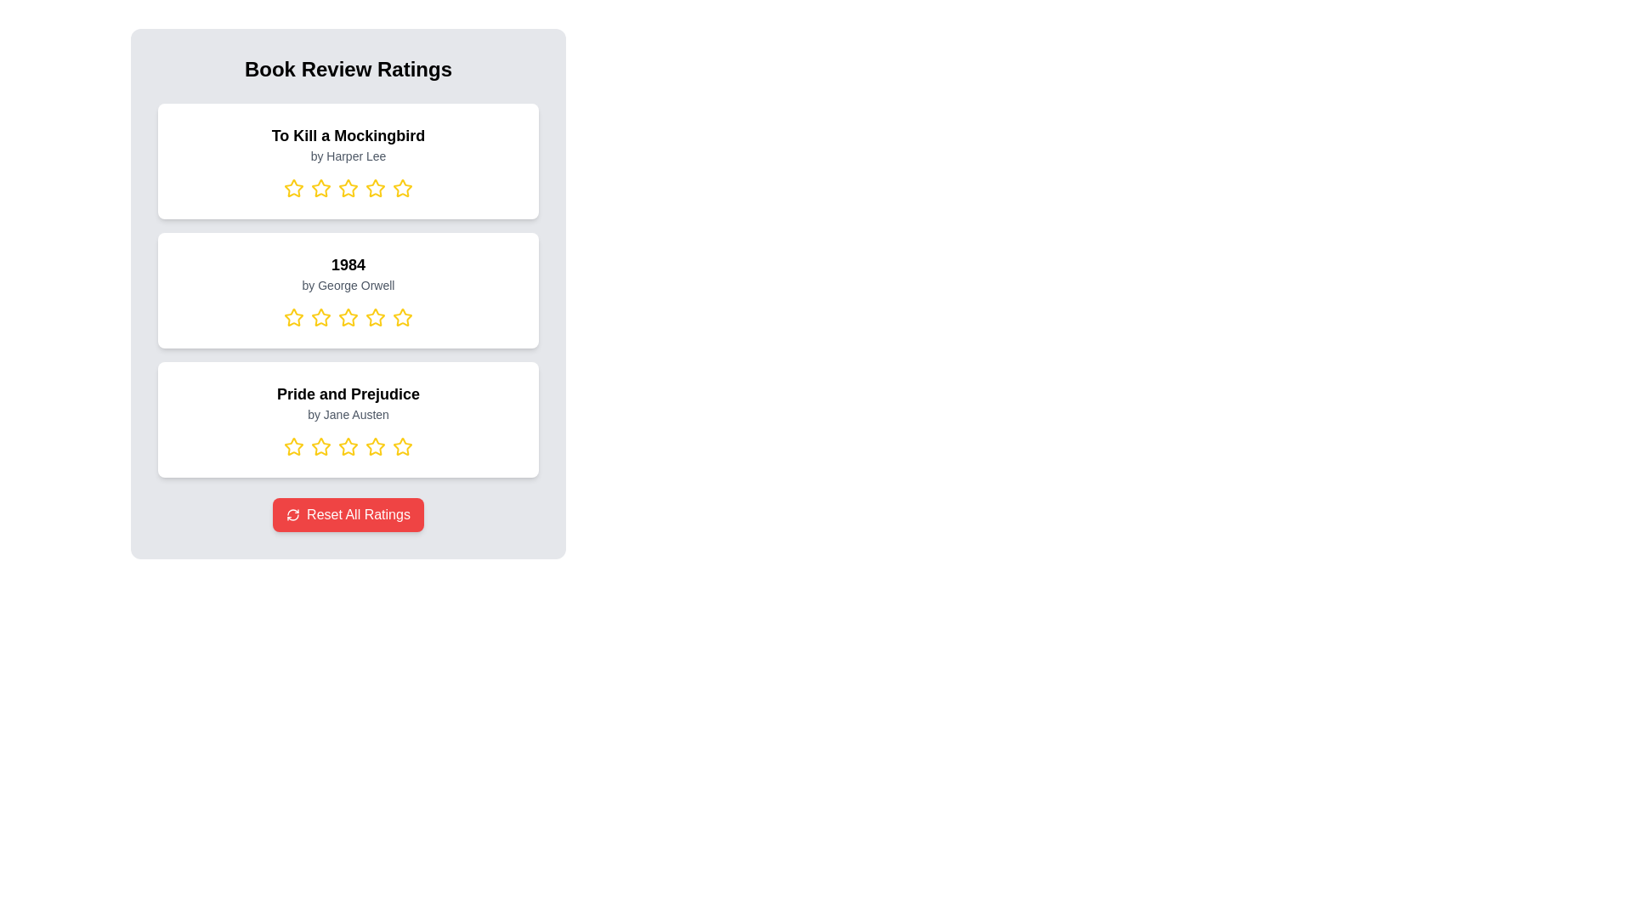 The height and width of the screenshot is (918, 1632). What do you see at coordinates (347, 445) in the screenshot?
I see `the rating for a book by selecting 3 stars for the book titled Pride and Prejudice` at bounding box center [347, 445].